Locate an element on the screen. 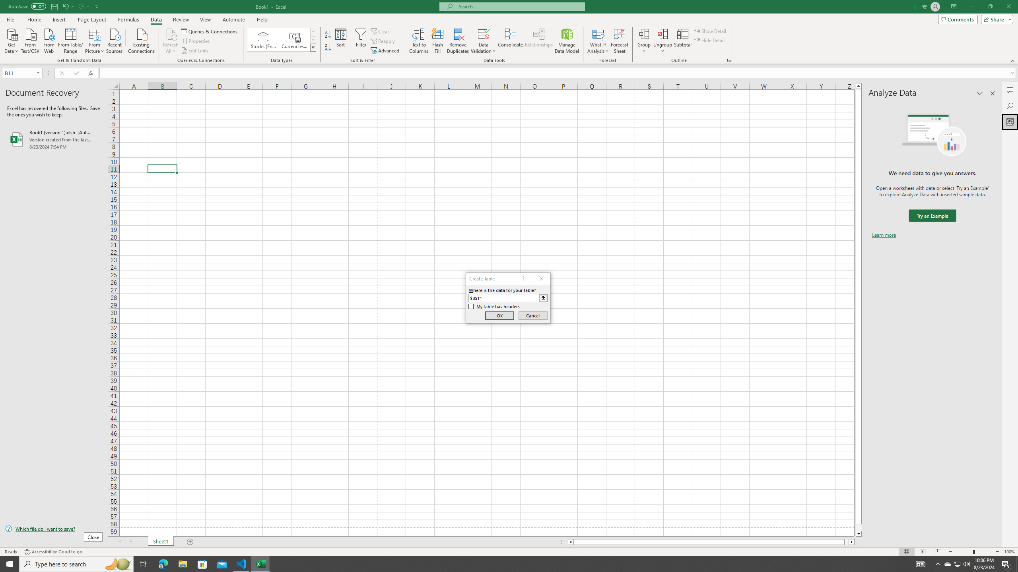  'Advanced...' is located at coordinates (386, 50).